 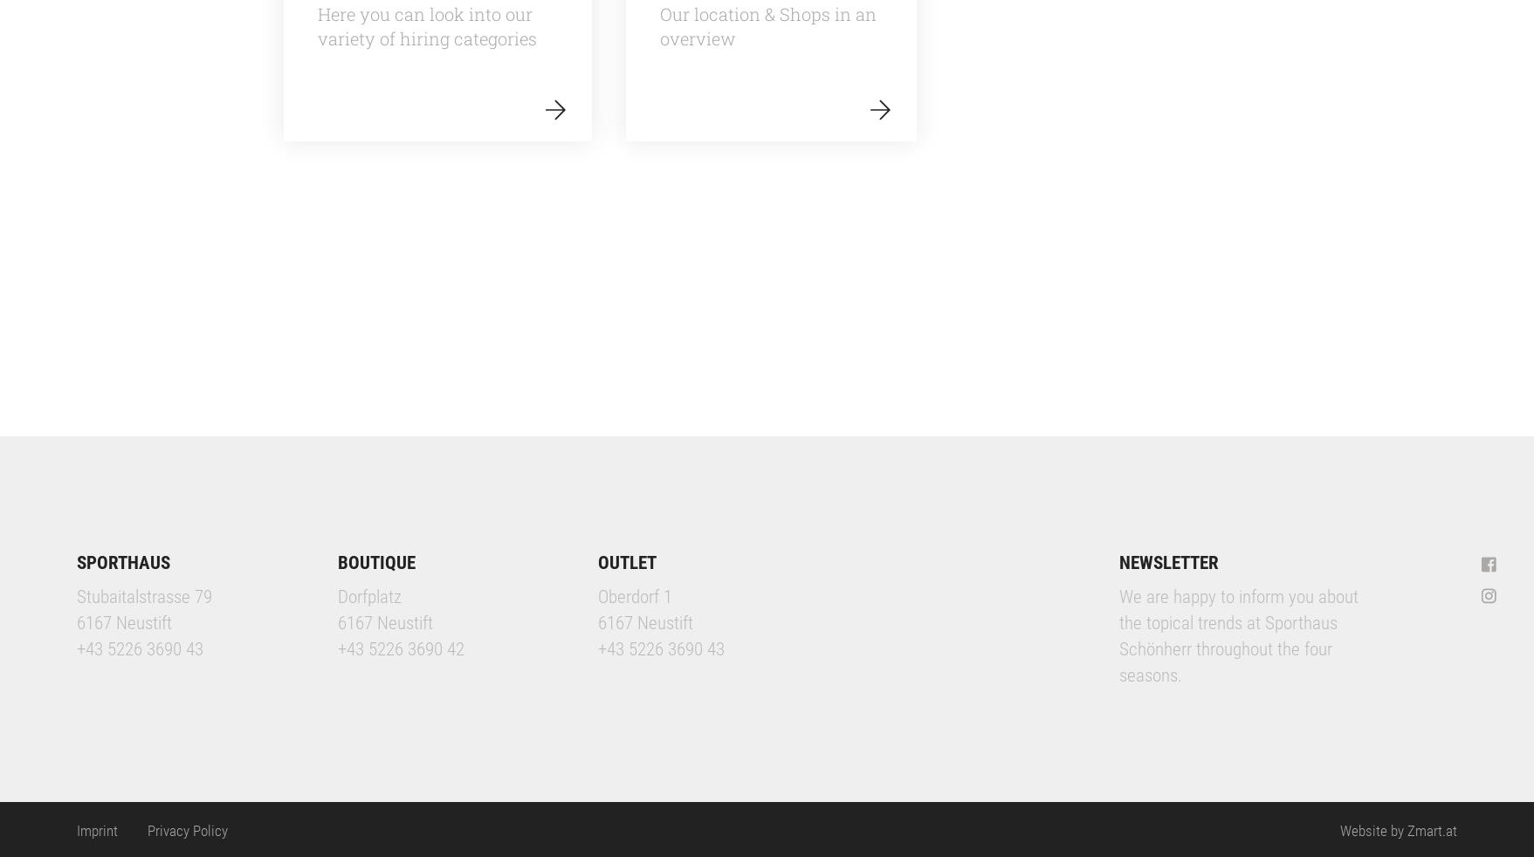 I want to click on 'Website by Zmart.at', so click(x=1397, y=829).